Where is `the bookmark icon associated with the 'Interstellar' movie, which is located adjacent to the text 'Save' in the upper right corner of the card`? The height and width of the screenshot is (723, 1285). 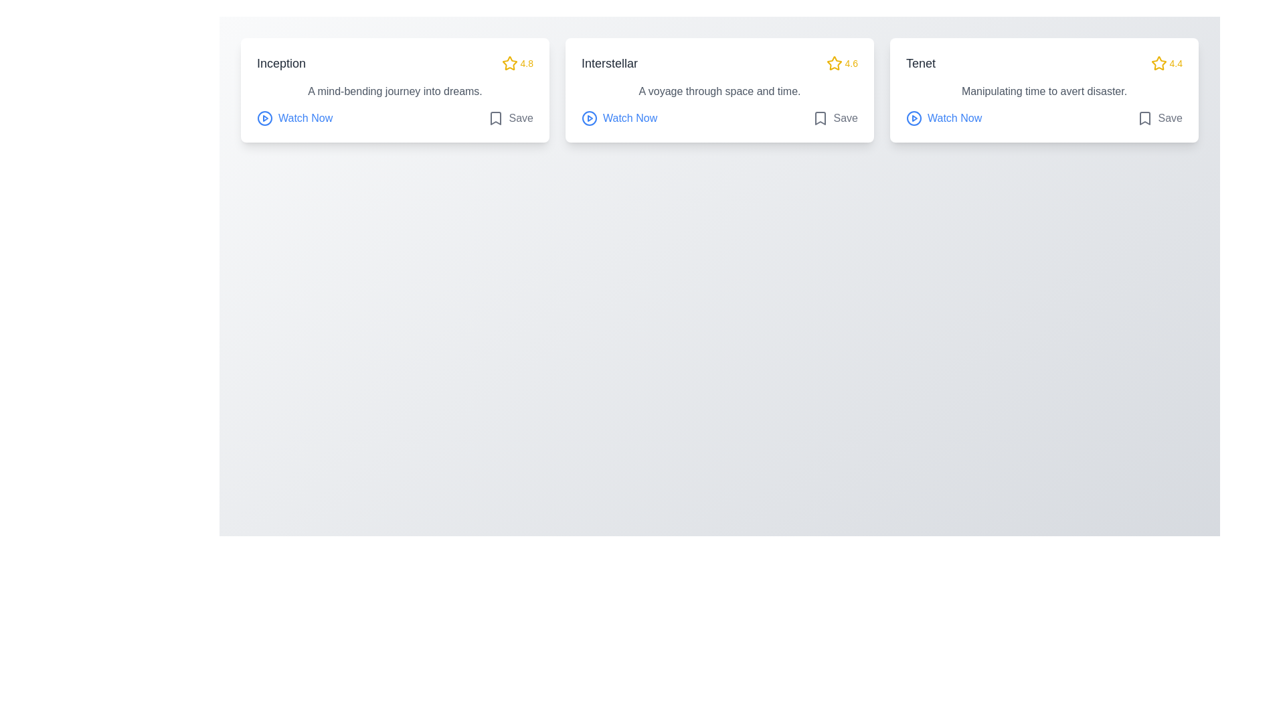 the bookmark icon associated with the 'Interstellar' movie, which is located adjacent to the text 'Save' in the upper right corner of the card is located at coordinates (819, 118).